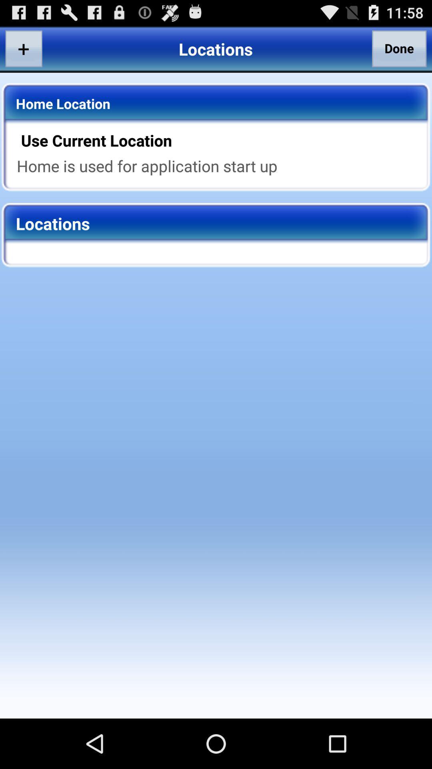  I want to click on the item above the use current location, so click(399, 48).